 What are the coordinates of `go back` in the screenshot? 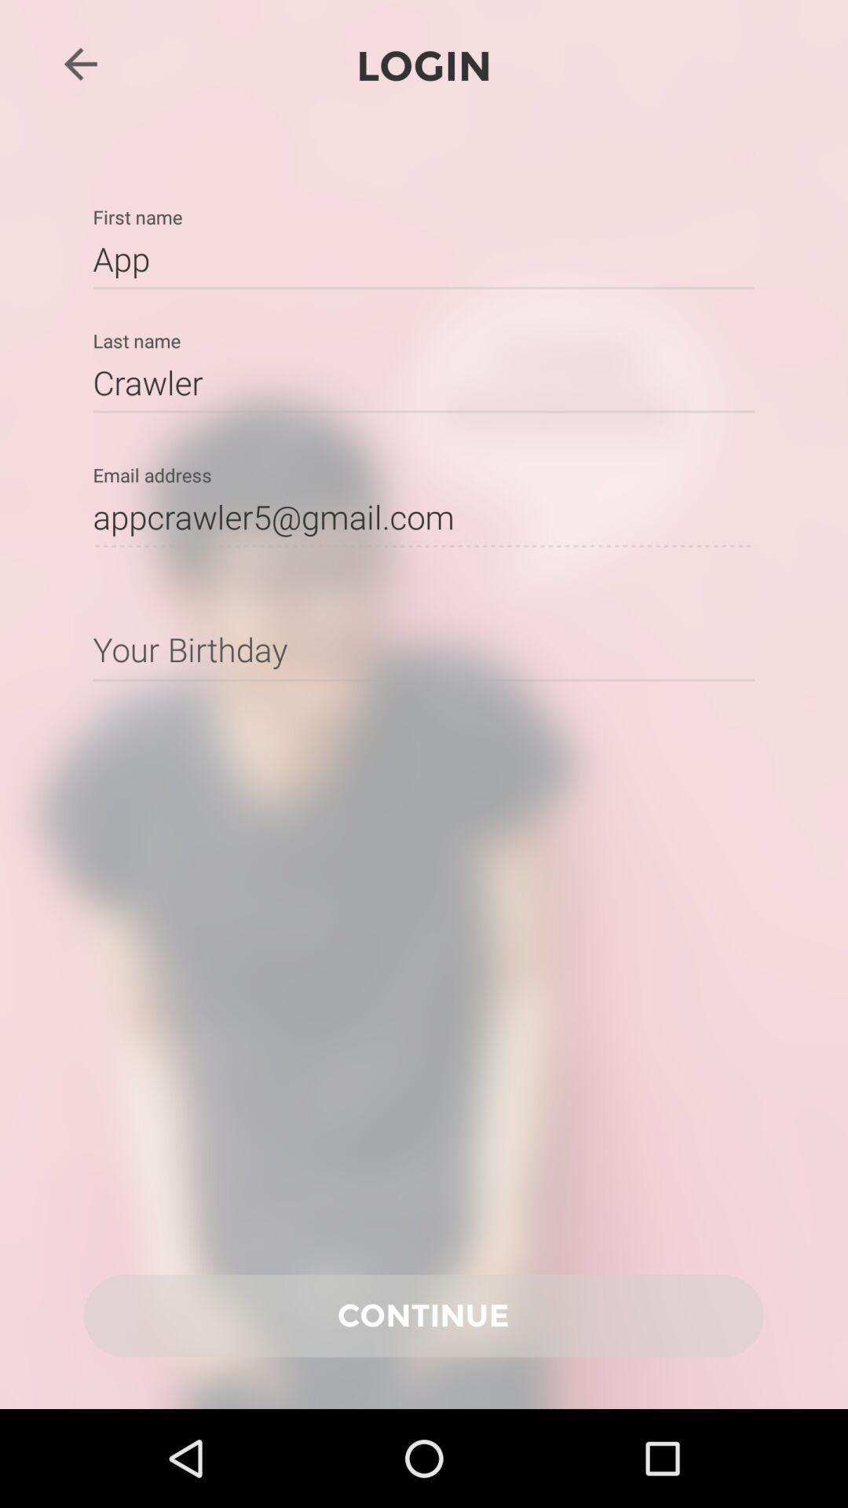 It's located at (80, 63).